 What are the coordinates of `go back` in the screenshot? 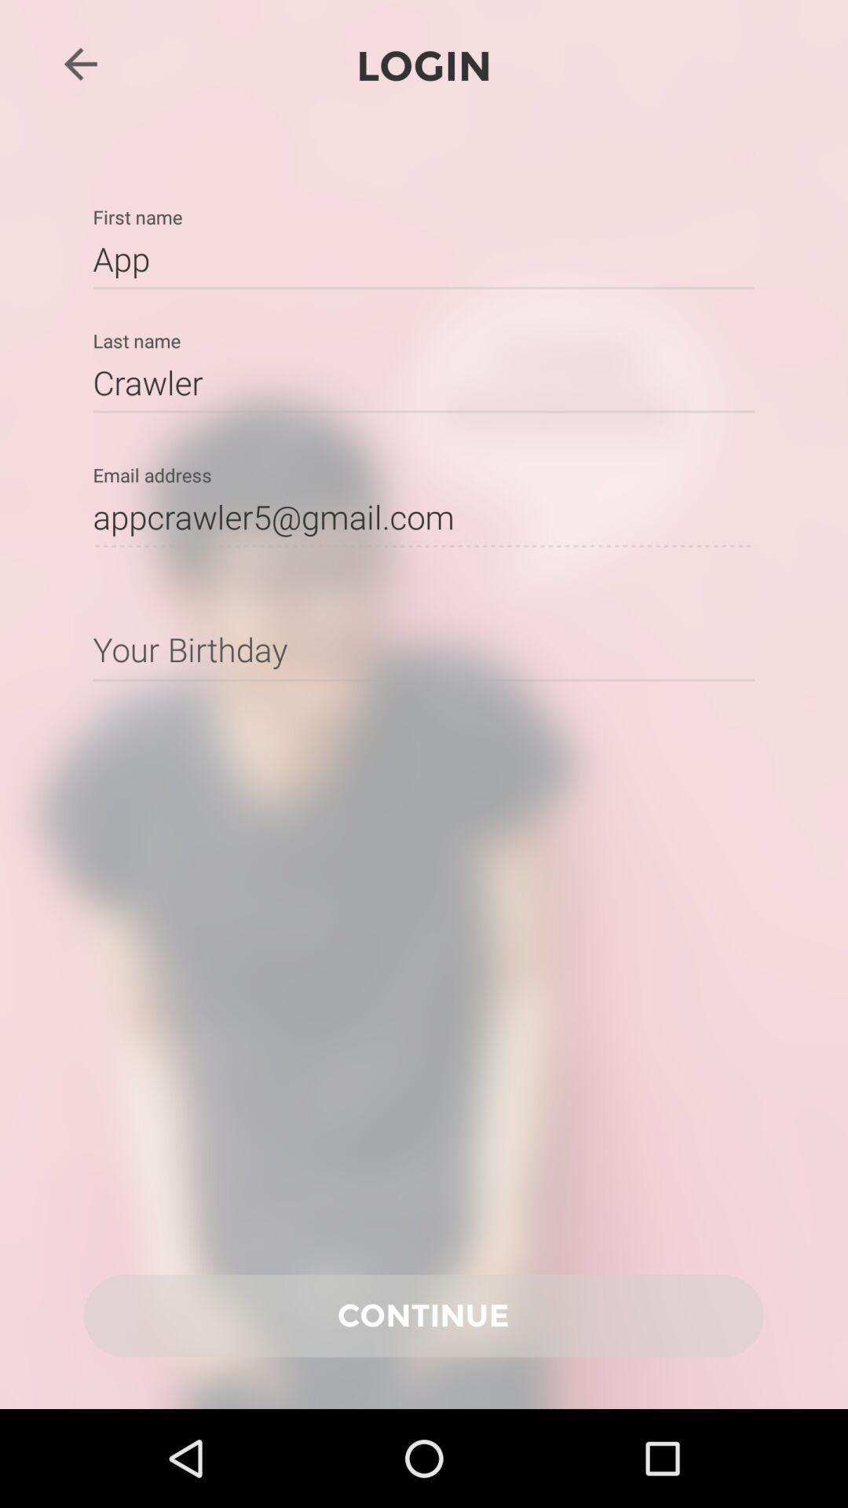 It's located at (80, 63).